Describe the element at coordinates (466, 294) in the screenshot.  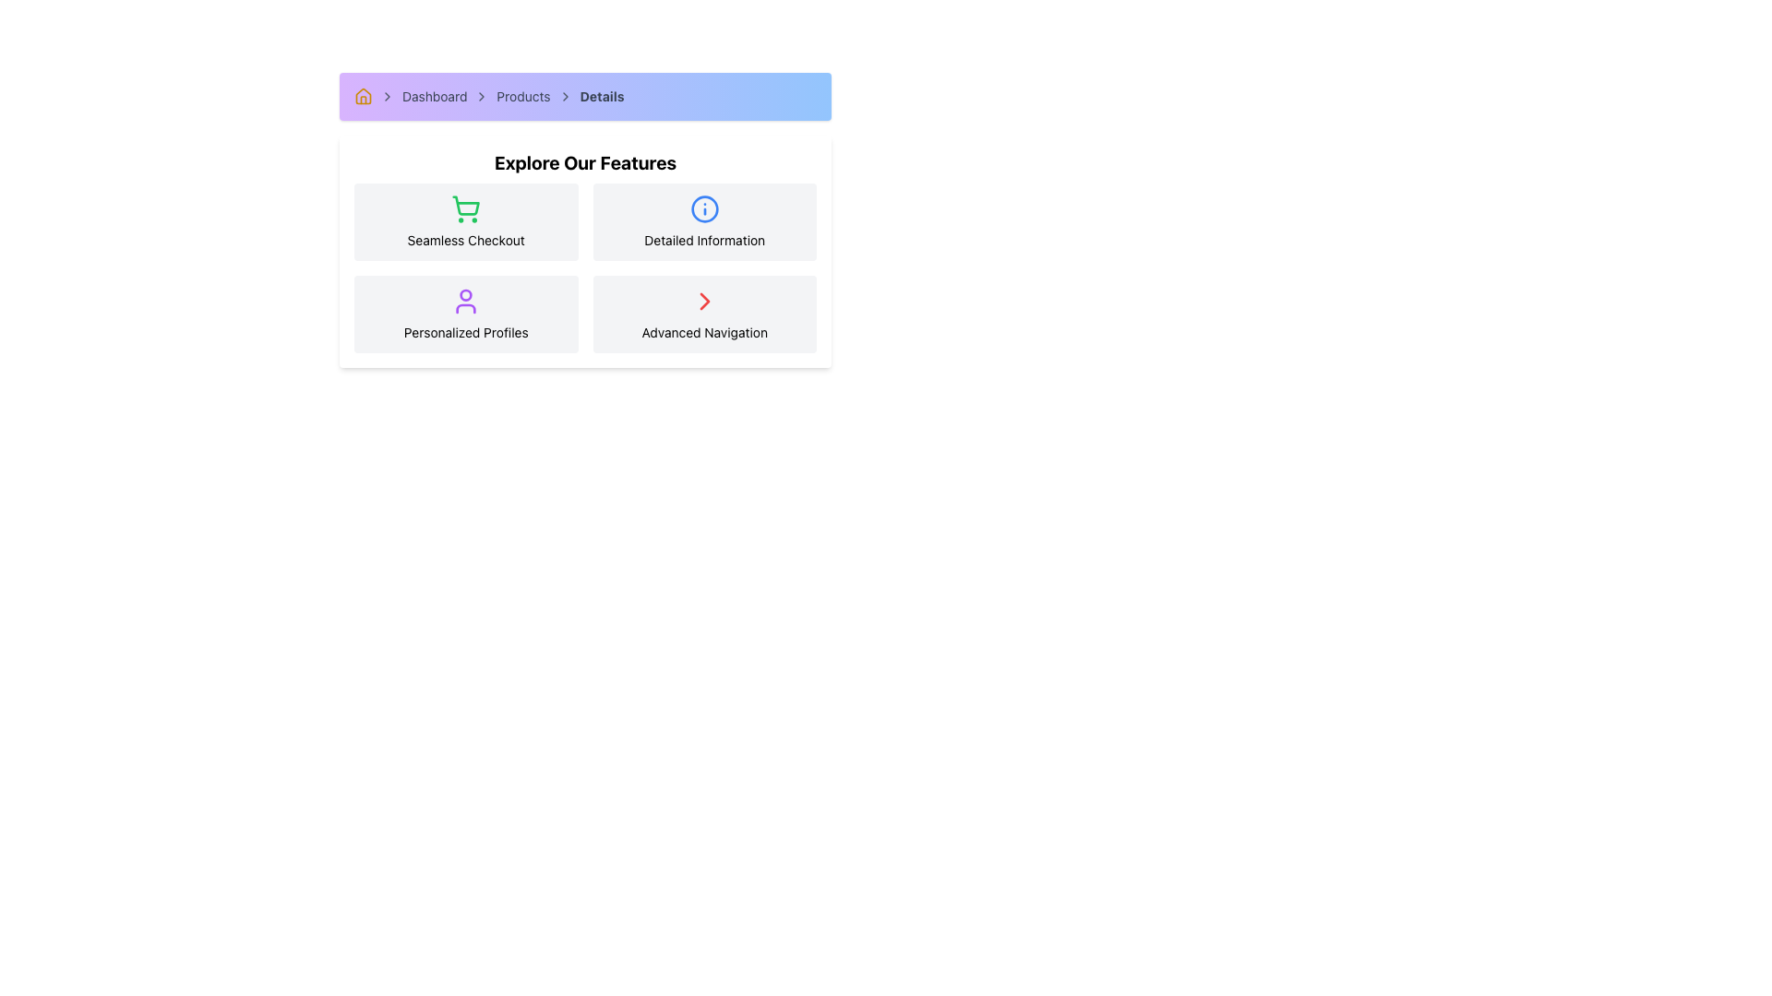
I see `the circular graphical component at the top of the user icon, which features a purple outline and represents a person's head, located in the bottom-left corner of the 'Explore Our Features' section` at that location.